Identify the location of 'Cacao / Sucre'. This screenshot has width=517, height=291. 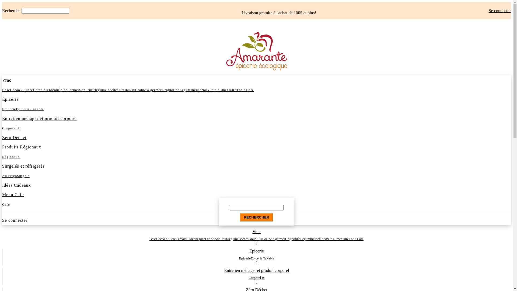
(21, 89).